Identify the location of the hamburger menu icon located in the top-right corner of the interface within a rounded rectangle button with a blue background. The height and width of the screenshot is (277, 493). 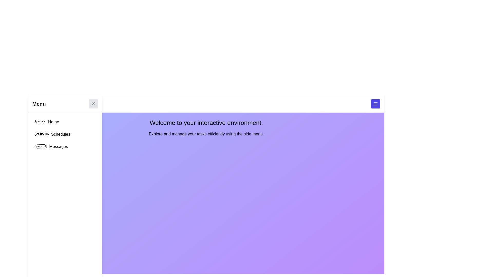
(376, 104).